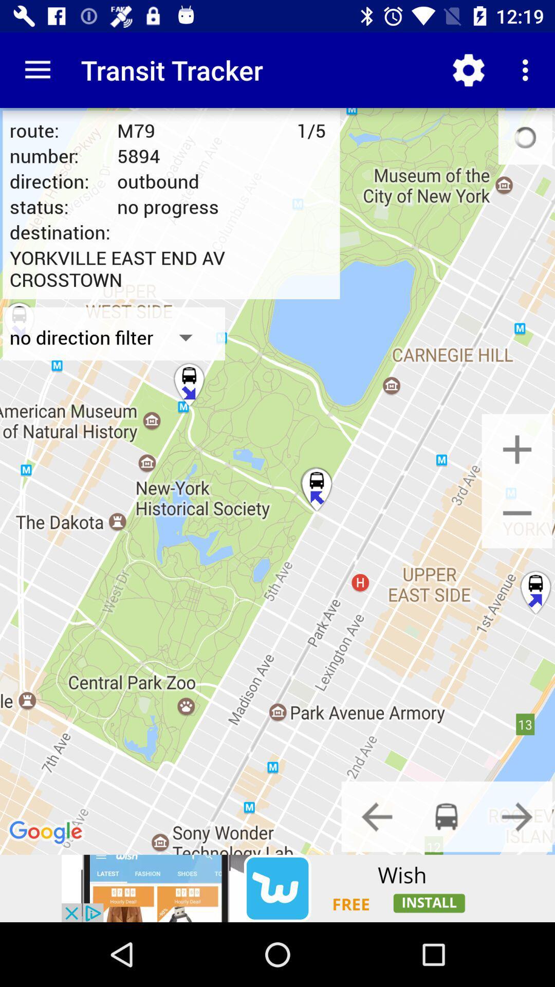 The image size is (555, 987). I want to click on go back, so click(377, 816).